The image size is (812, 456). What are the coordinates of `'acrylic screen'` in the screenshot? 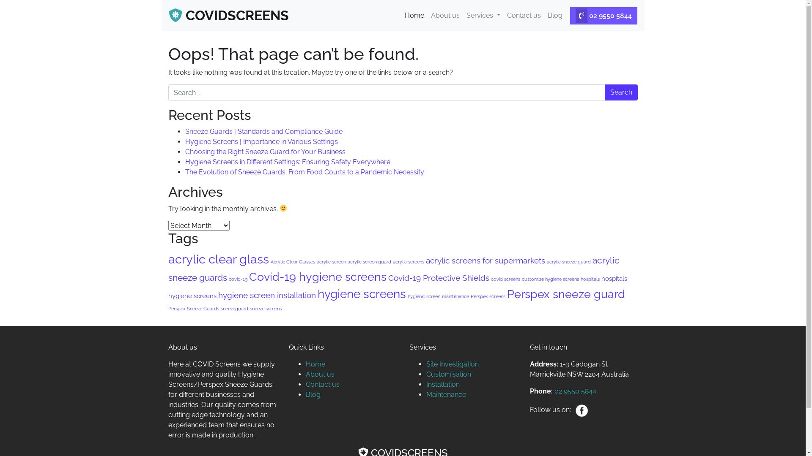 It's located at (330, 261).